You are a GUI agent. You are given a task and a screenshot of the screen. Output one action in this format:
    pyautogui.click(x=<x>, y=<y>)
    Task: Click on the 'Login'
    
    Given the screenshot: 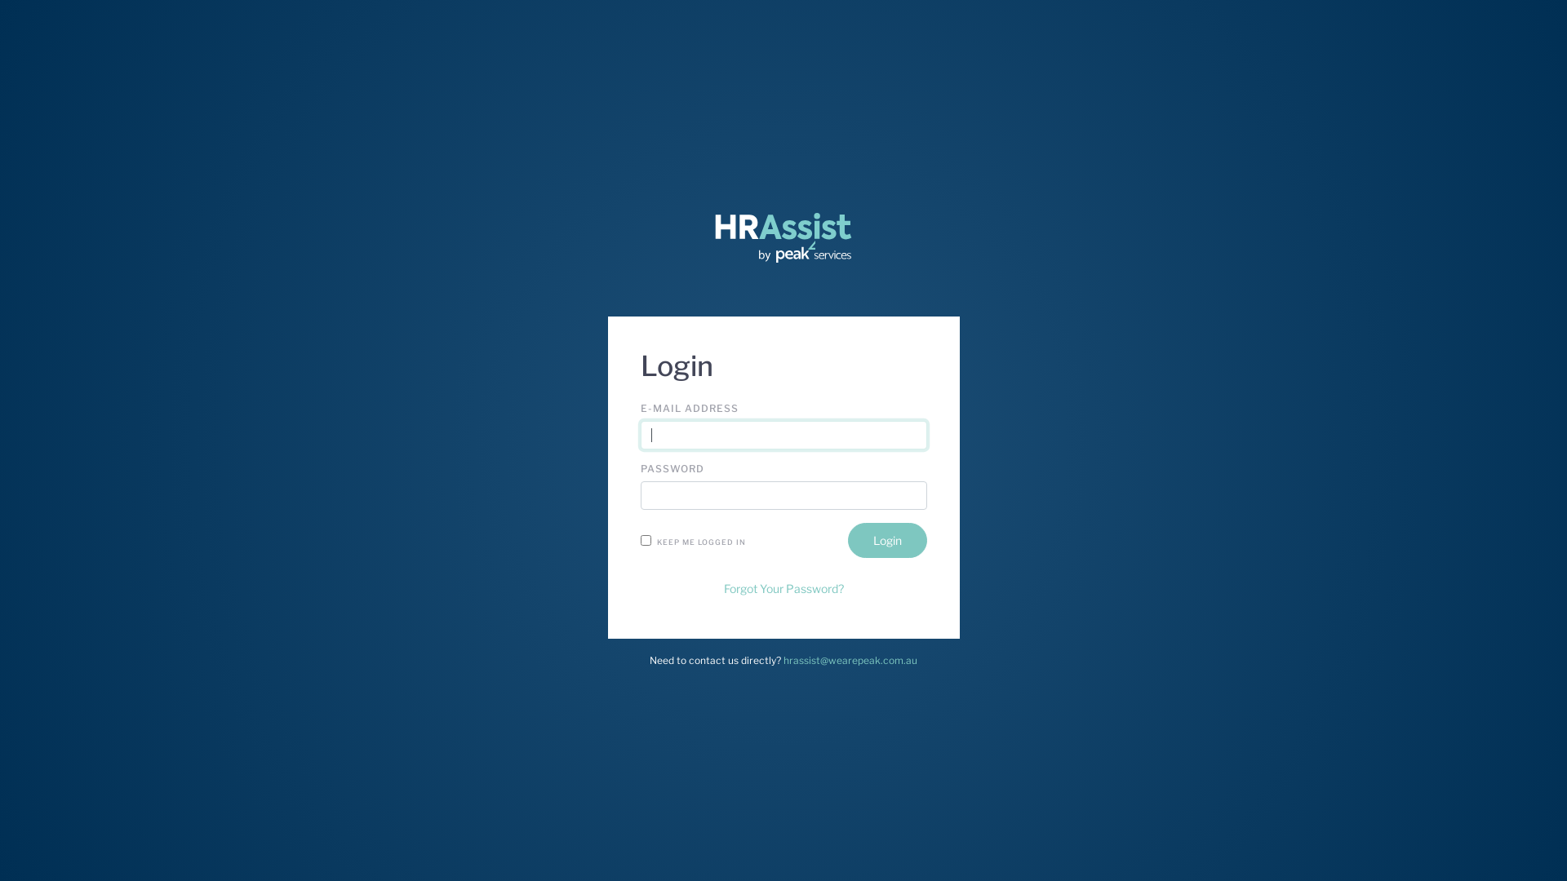 What is the action you would take?
    pyautogui.click(x=886, y=540)
    